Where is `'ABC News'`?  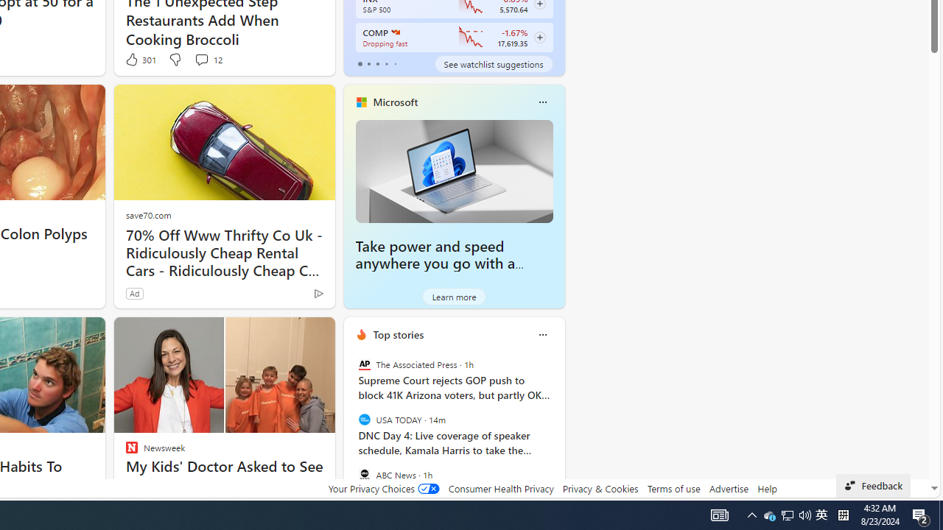 'ABC News' is located at coordinates (364, 474).